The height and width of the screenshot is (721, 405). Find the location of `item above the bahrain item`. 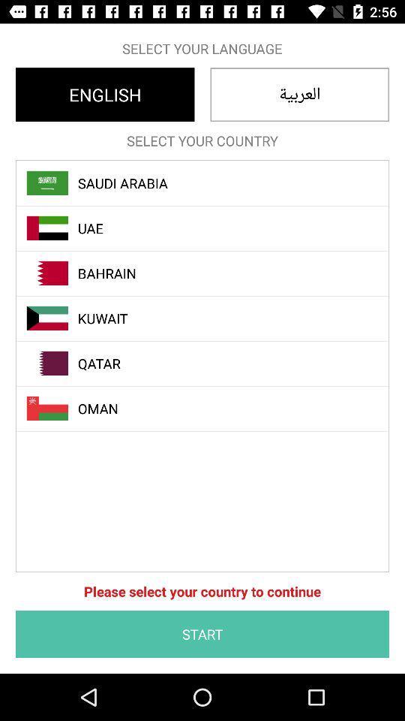

item above the bahrain item is located at coordinates (210, 228).